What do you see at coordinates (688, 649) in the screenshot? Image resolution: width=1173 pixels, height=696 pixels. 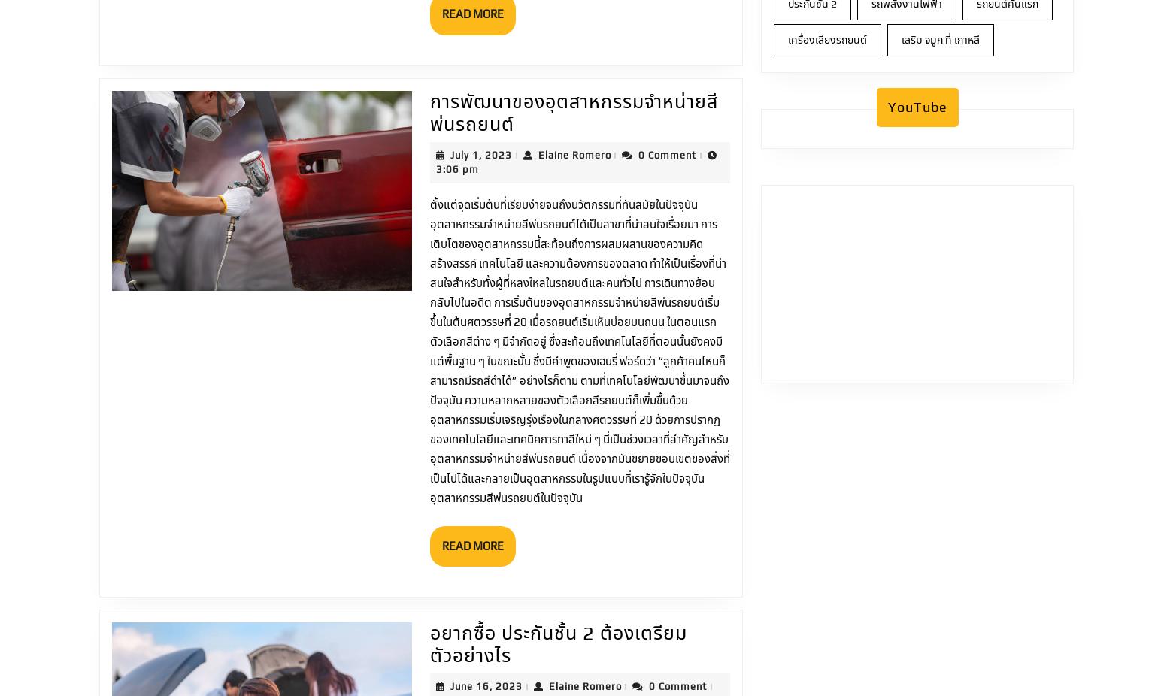 I see `'116/7 Soi Sukhumvit 23., Watthana, Bangkok'` at bounding box center [688, 649].